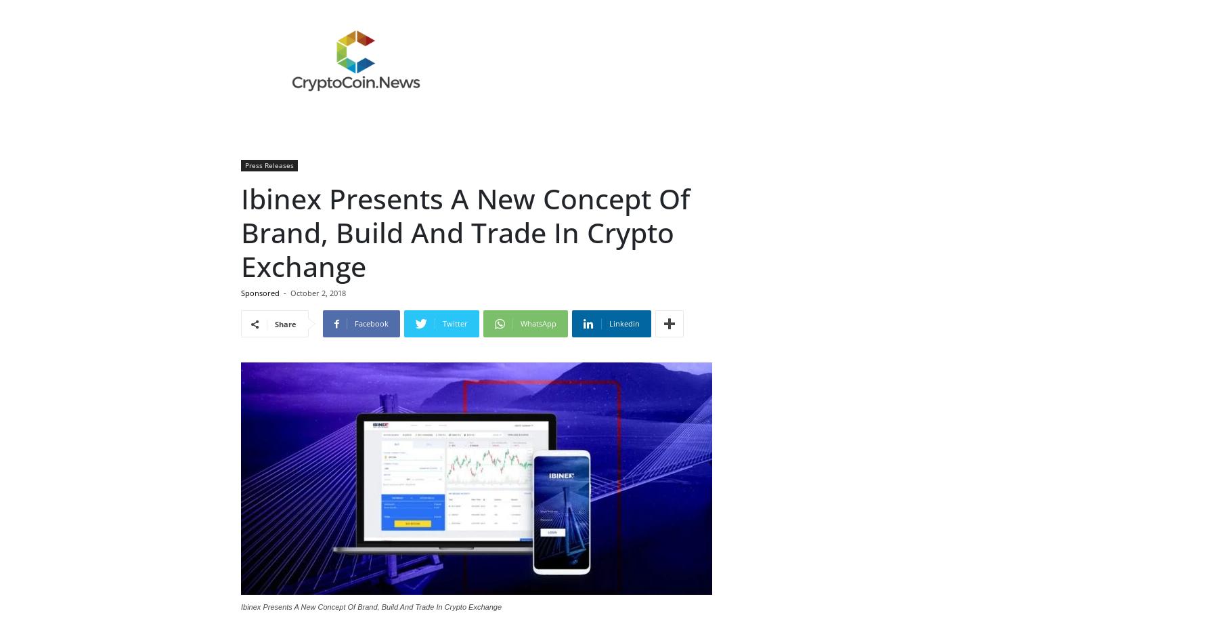  I want to click on 'https://ibinex.com/', so click(476, 481).